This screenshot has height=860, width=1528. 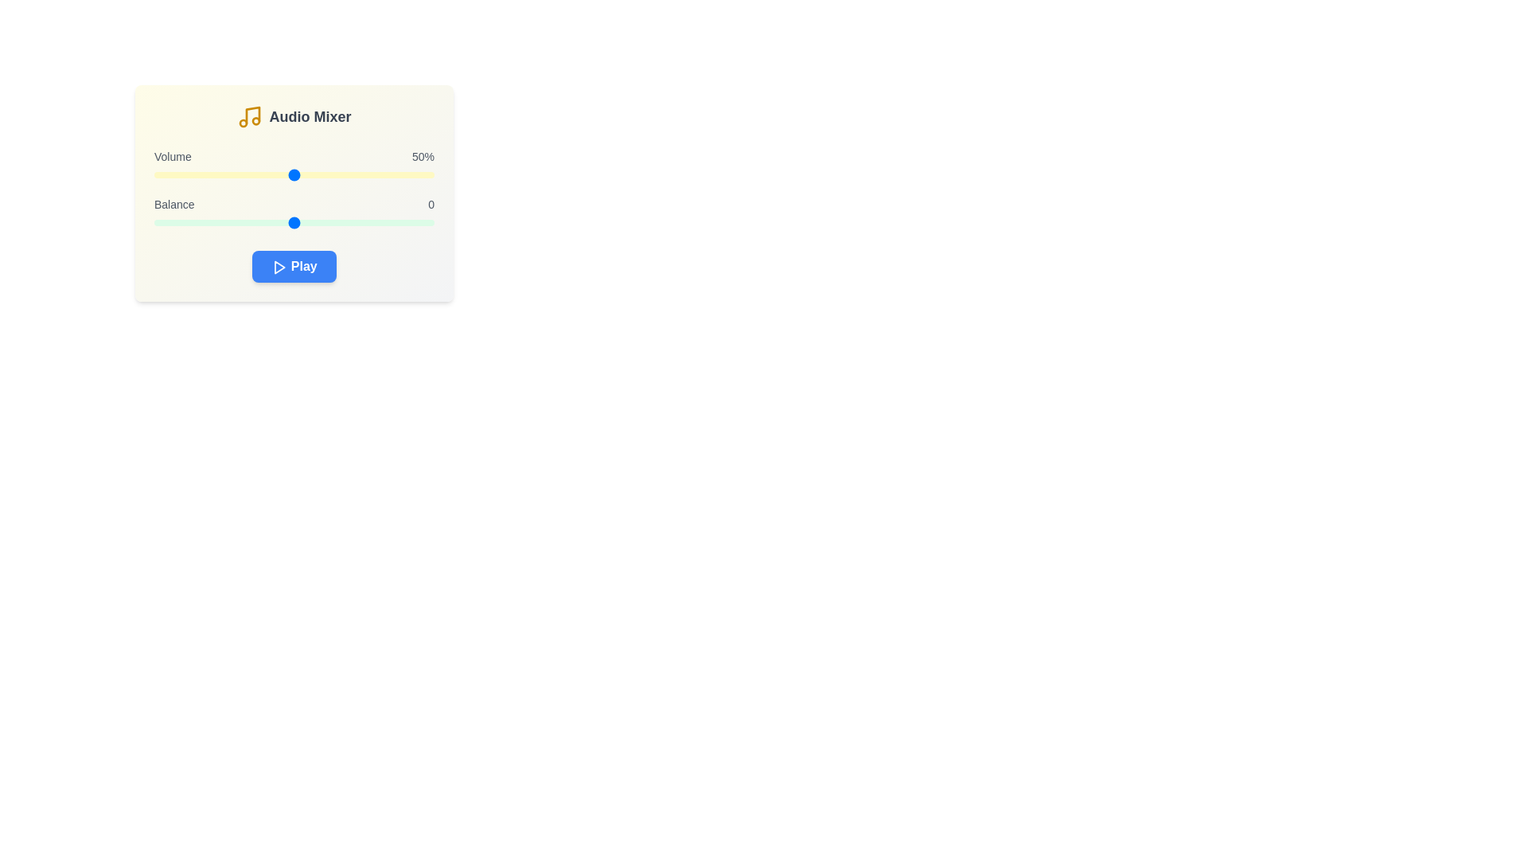 I want to click on the 'Play' button with white text on a blue background, located in the 'Audio Mixer' interface, so click(x=294, y=266).